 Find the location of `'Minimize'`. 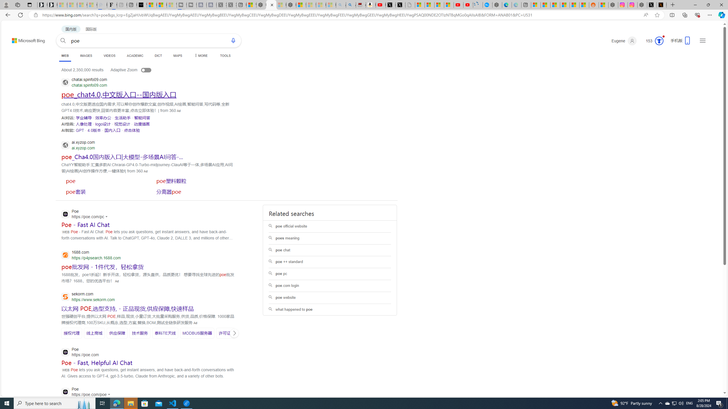

'Minimize' is located at coordinates (695, 5).